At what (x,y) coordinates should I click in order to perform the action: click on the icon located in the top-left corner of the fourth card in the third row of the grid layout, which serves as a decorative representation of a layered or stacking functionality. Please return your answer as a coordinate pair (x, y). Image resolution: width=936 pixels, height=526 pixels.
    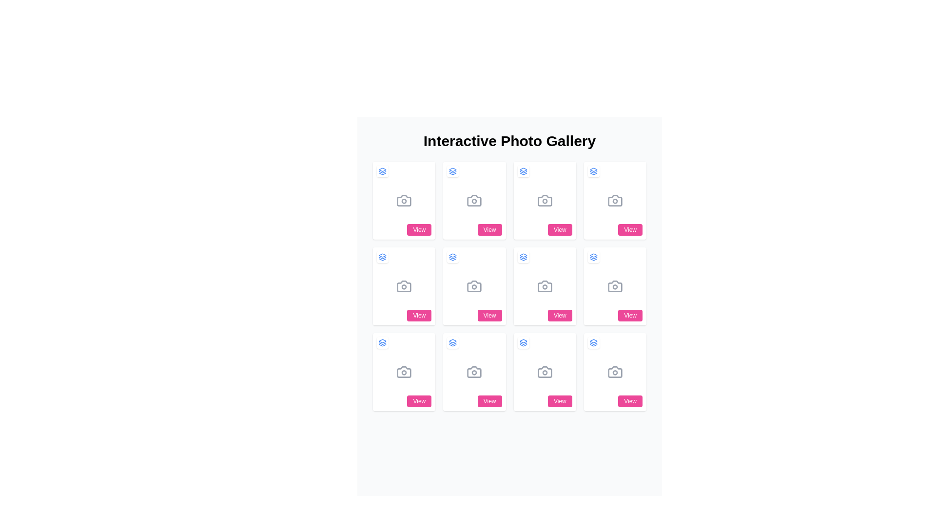
    Looking at the image, I should click on (452, 342).